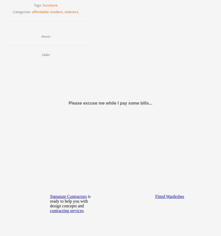 The width and height of the screenshot is (221, 236). Describe the element at coordinates (46, 54) in the screenshot. I see `'Older'` at that location.